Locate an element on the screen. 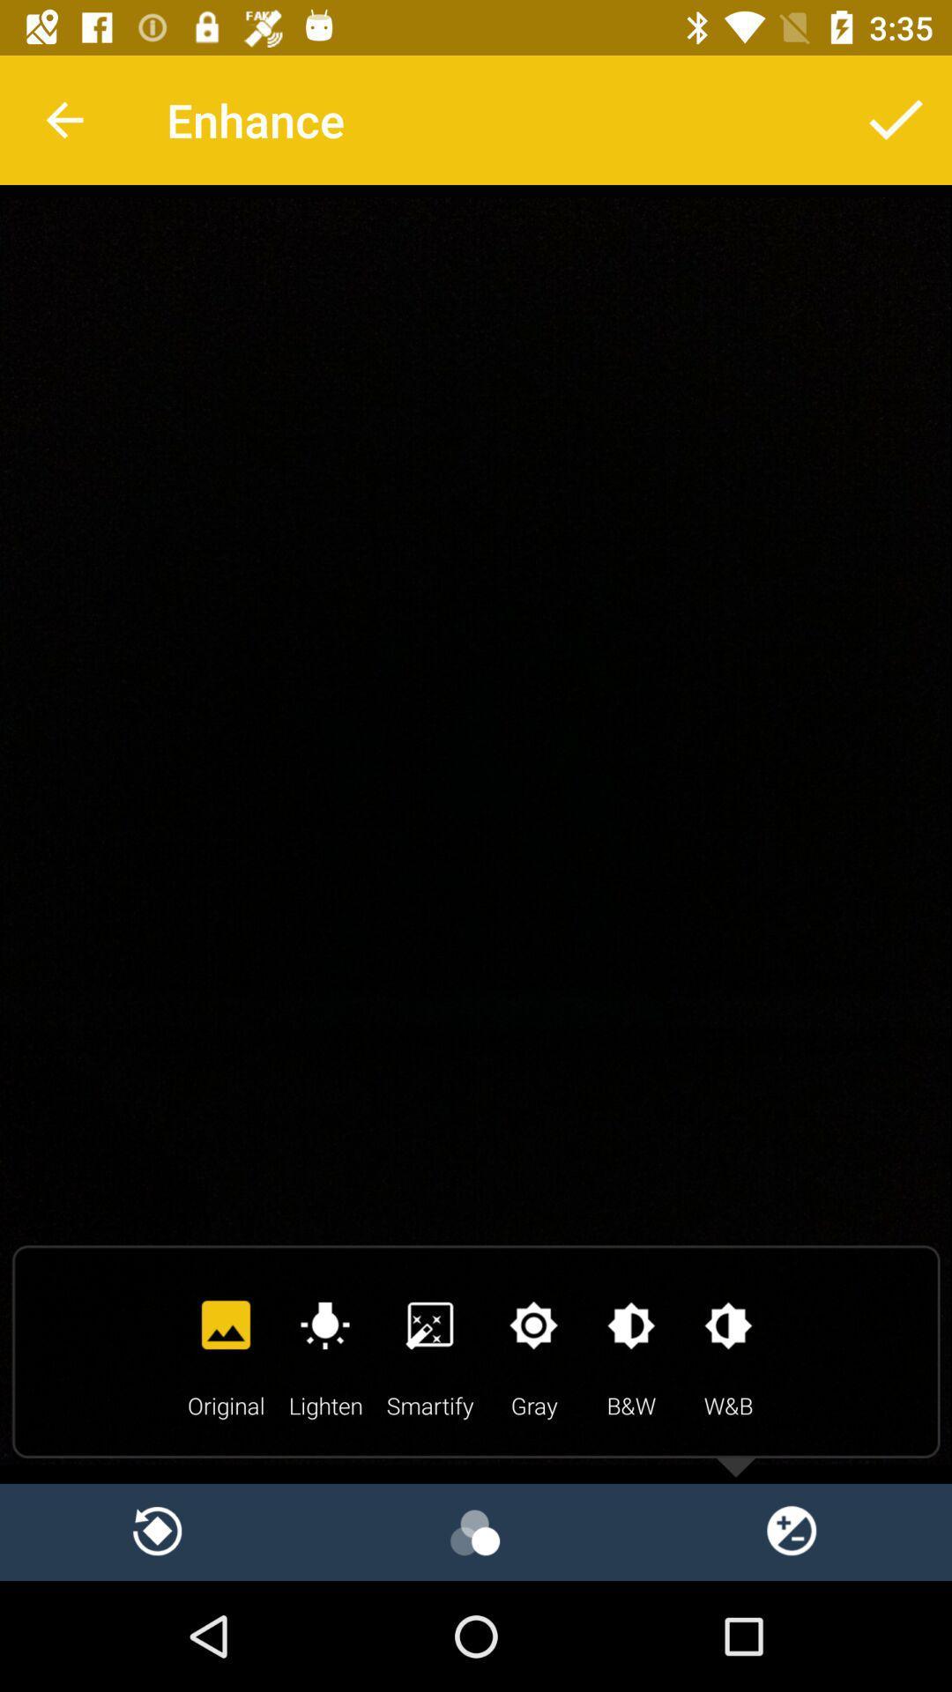 The image size is (952, 1692). replay option is located at coordinates (159, 1531).